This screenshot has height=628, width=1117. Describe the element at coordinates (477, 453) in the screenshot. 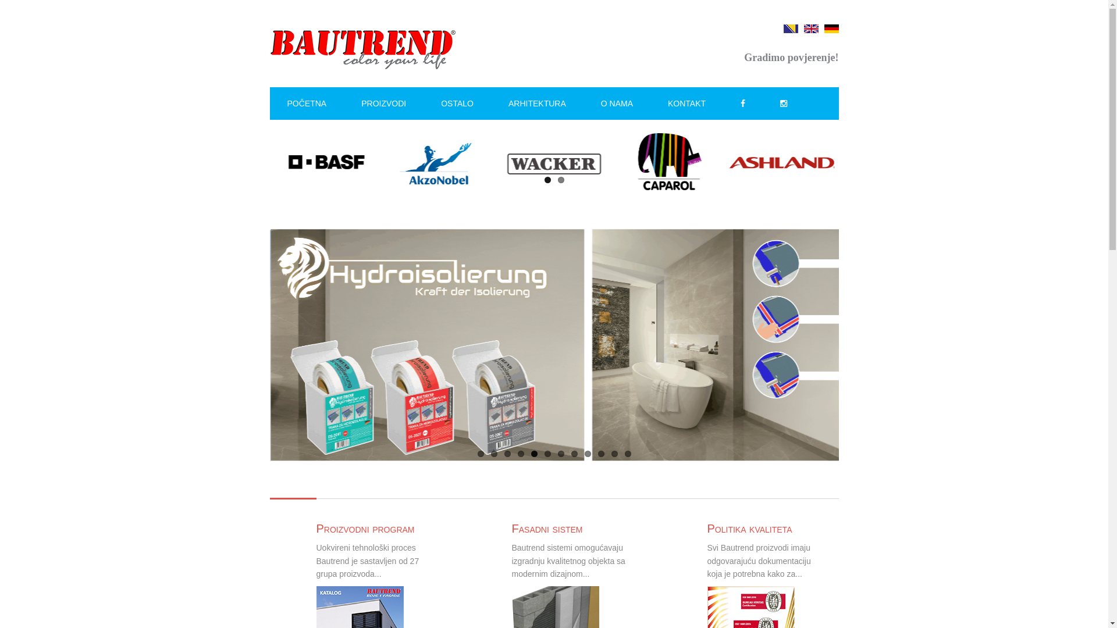

I see `'1'` at that location.